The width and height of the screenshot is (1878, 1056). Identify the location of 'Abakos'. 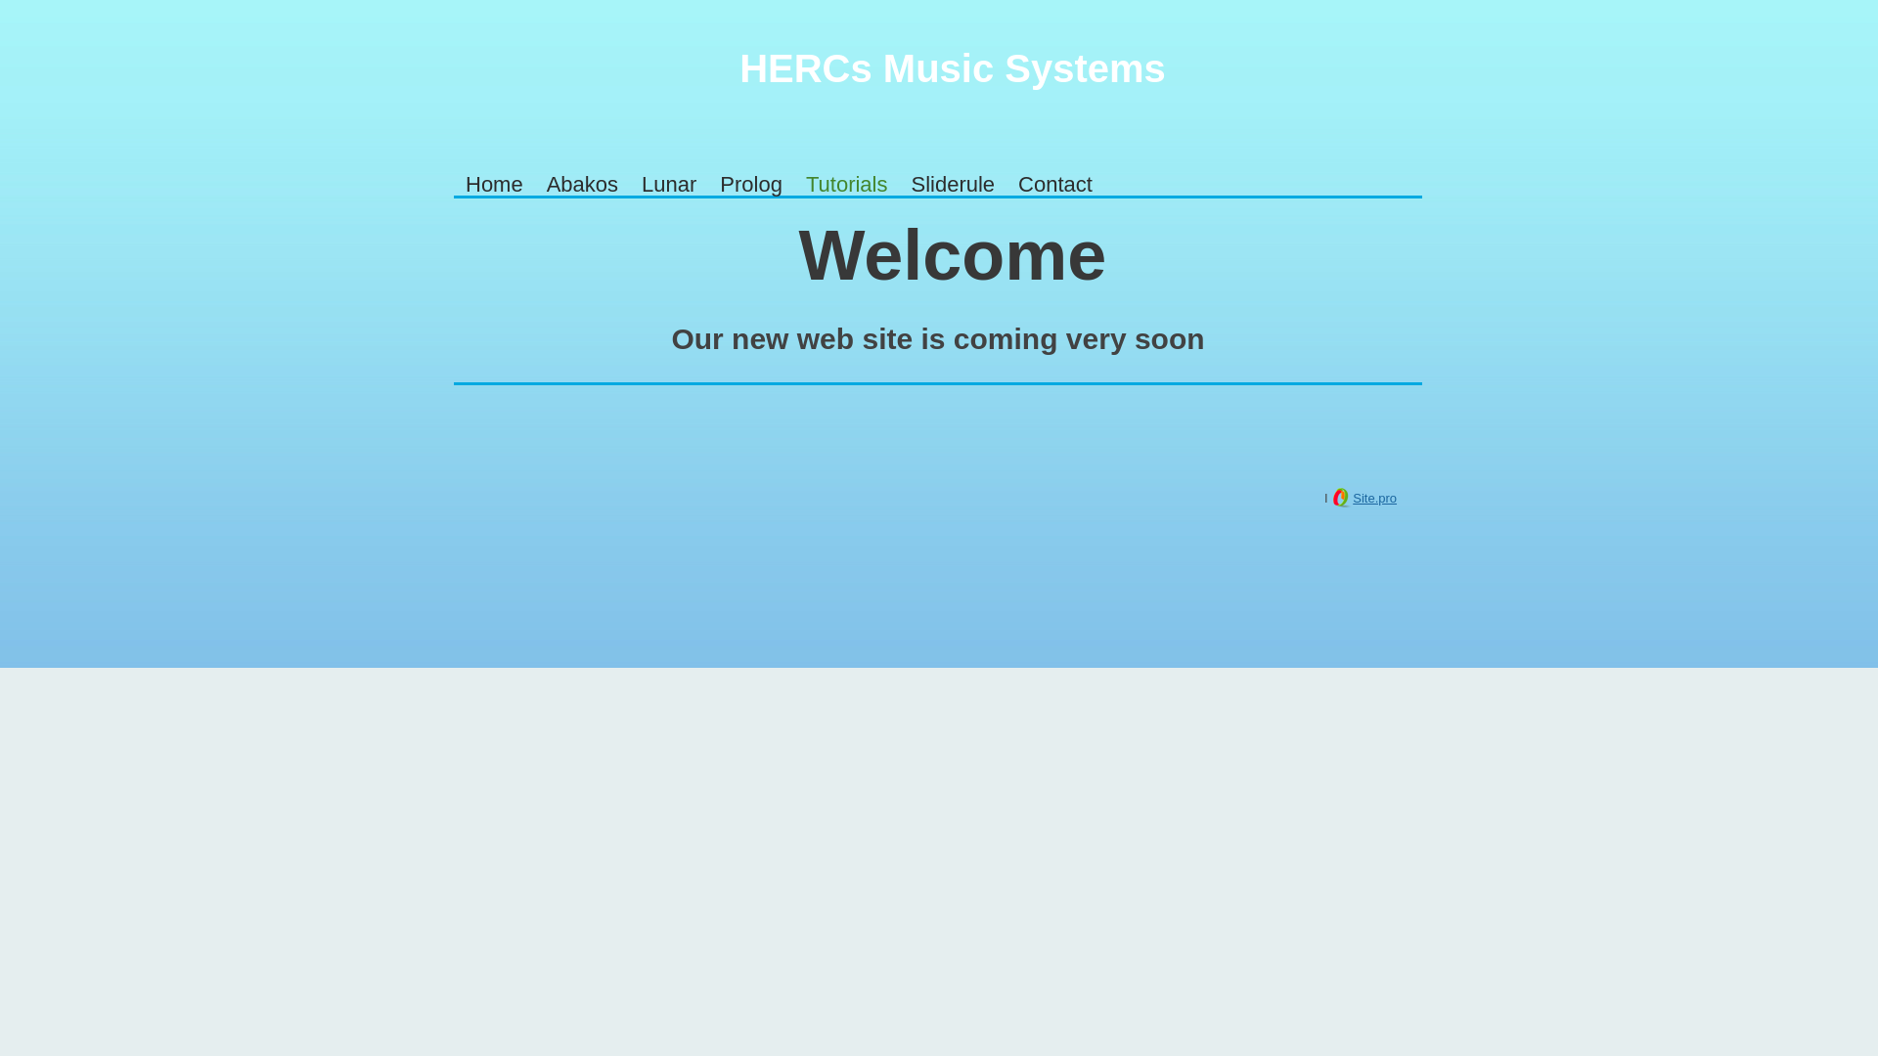
(544, 185).